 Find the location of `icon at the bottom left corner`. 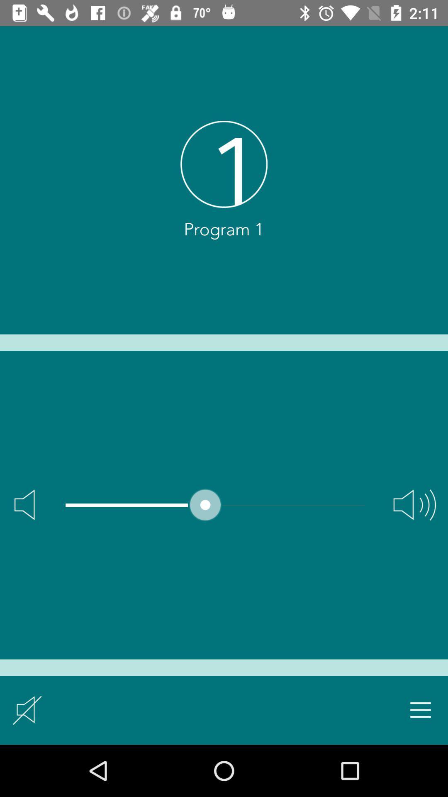

icon at the bottom left corner is located at coordinates (27, 709).